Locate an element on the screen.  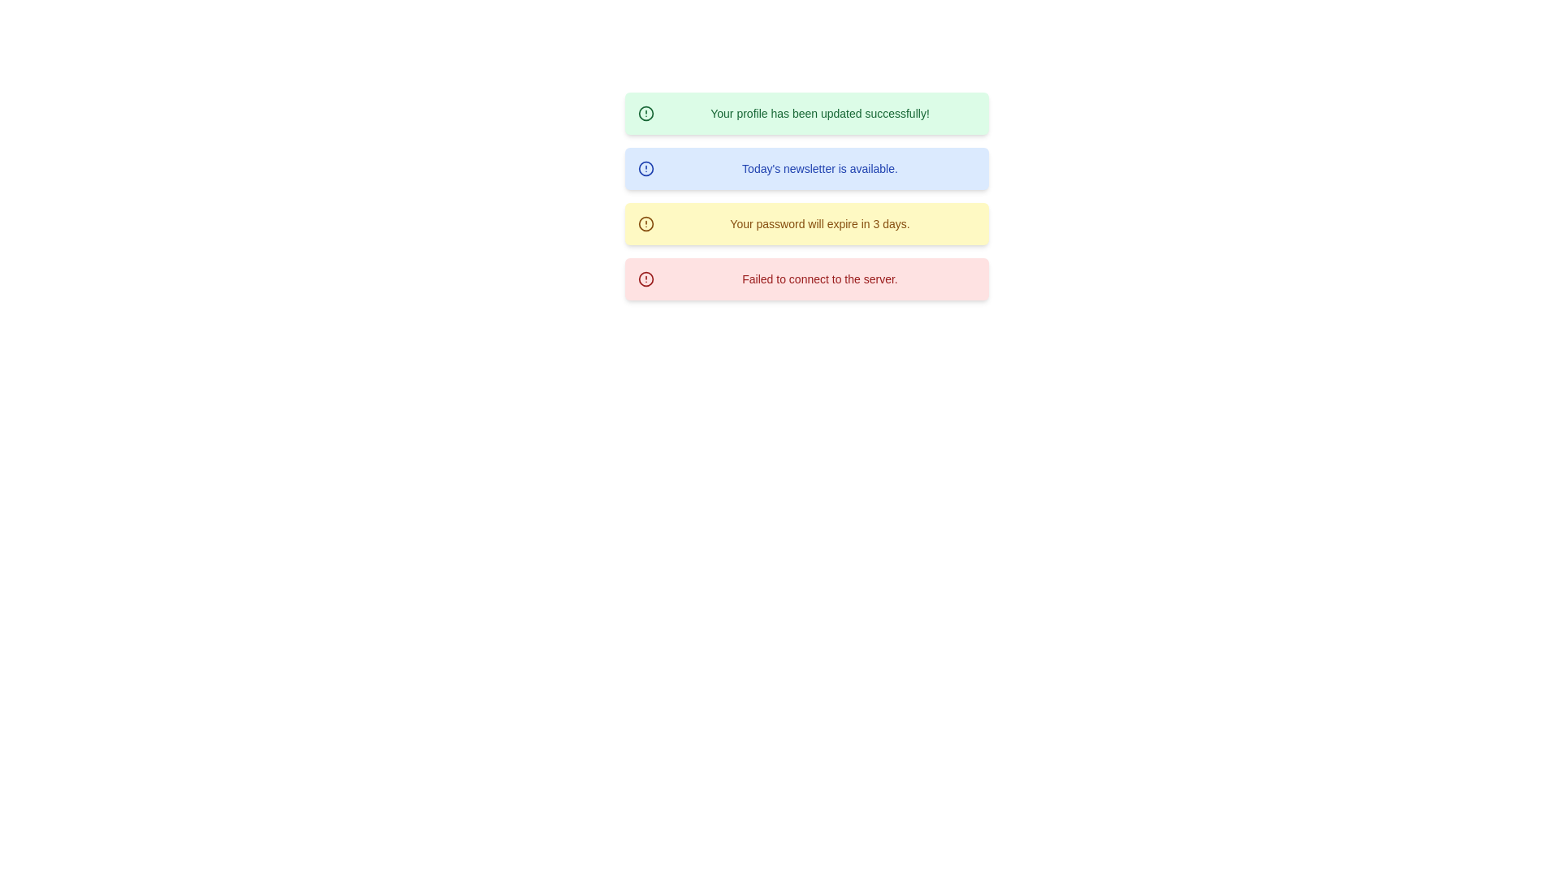
notification text that states 'Your password will expire in 3 days.' which is displayed in a smaller font on a yellow background within the third notification panel is located at coordinates (819, 224).